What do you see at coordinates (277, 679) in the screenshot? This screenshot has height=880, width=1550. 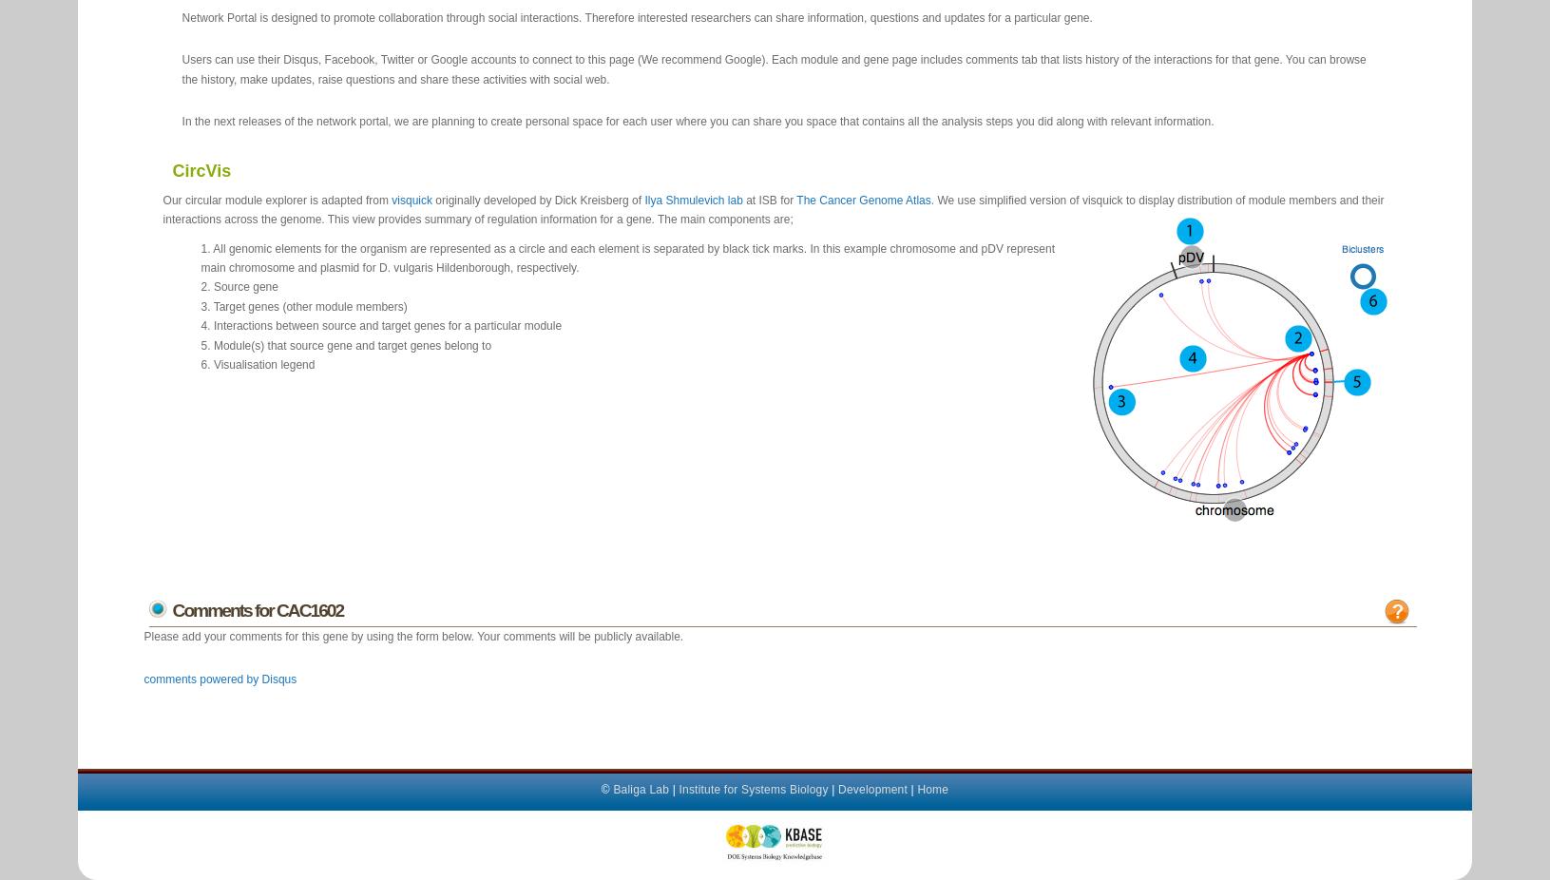 I see `'Disqus'` at bounding box center [277, 679].